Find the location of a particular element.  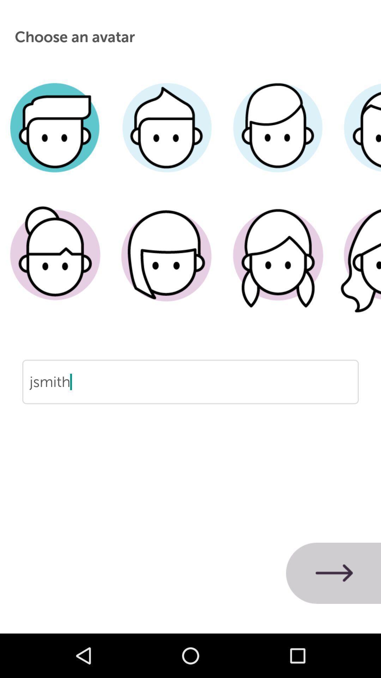

item at the bottom right corner is located at coordinates (333, 573).